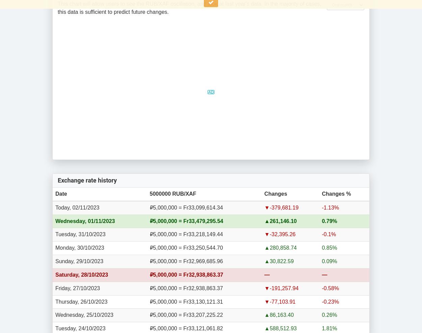 This screenshot has width=422, height=333. What do you see at coordinates (275, 193) in the screenshot?
I see `'Changes'` at bounding box center [275, 193].